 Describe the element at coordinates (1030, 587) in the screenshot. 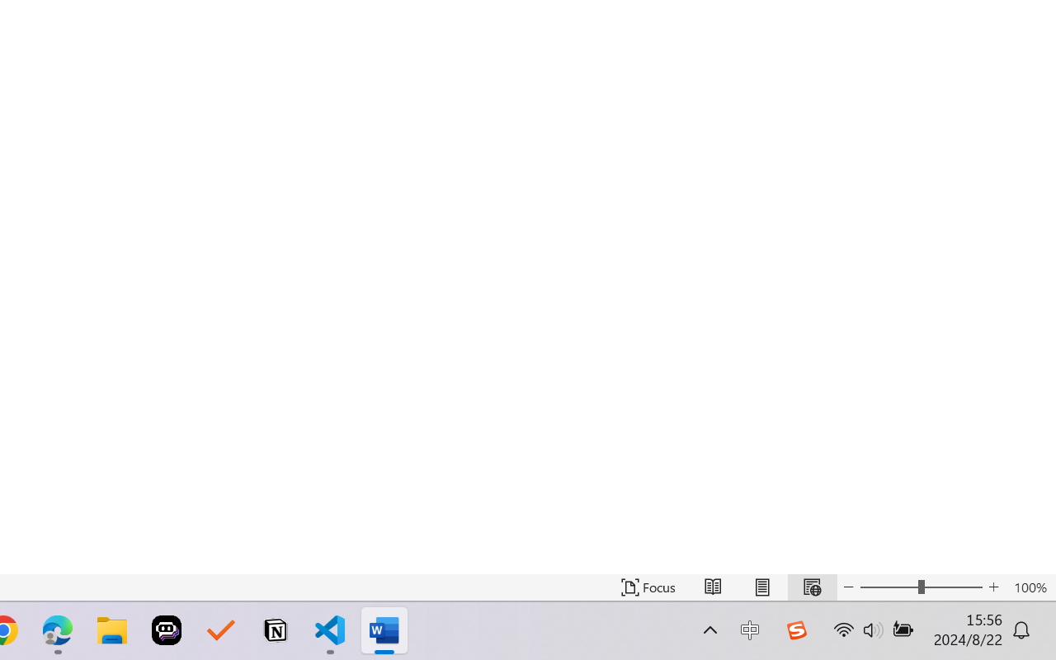

I see `'Zoom 100%'` at that location.